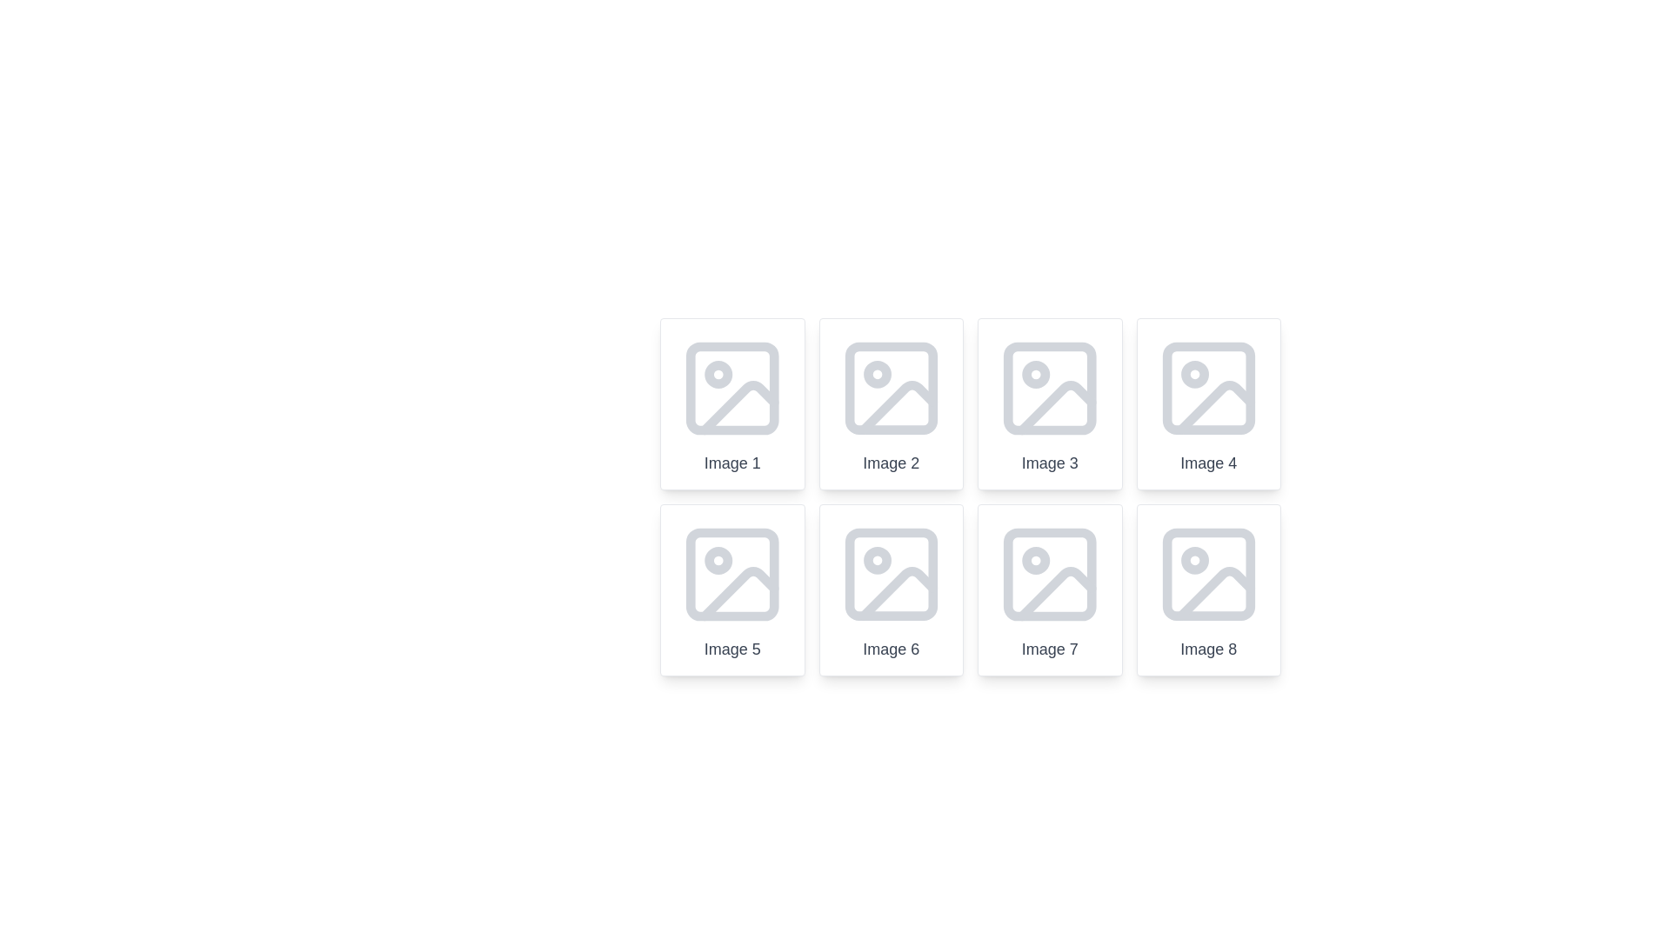 The width and height of the screenshot is (1670, 939). What do you see at coordinates (1049, 574) in the screenshot?
I see `the primary image icon associated with 'Image 7' to interact with it` at bounding box center [1049, 574].